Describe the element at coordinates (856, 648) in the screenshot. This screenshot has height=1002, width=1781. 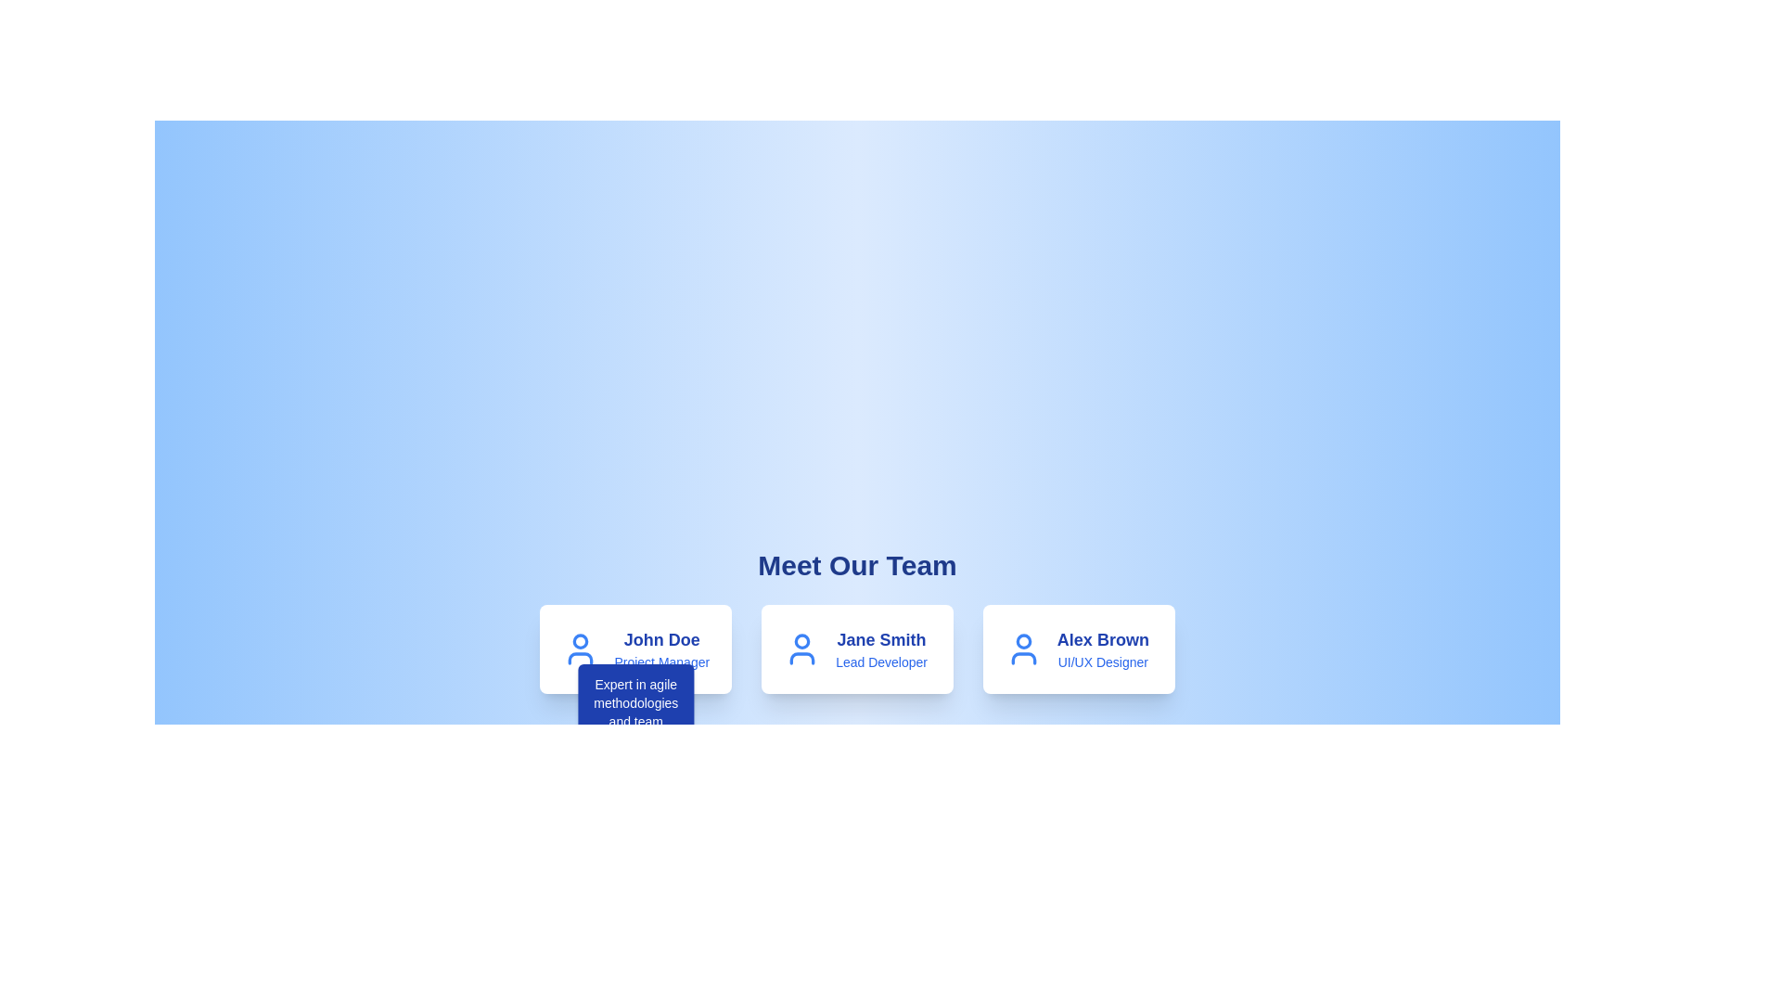
I see `the second card in the row featuring a user silhouette icon, the name 'Jane Smith' in bold blue font, and the role 'Lead Developer'` at that location.